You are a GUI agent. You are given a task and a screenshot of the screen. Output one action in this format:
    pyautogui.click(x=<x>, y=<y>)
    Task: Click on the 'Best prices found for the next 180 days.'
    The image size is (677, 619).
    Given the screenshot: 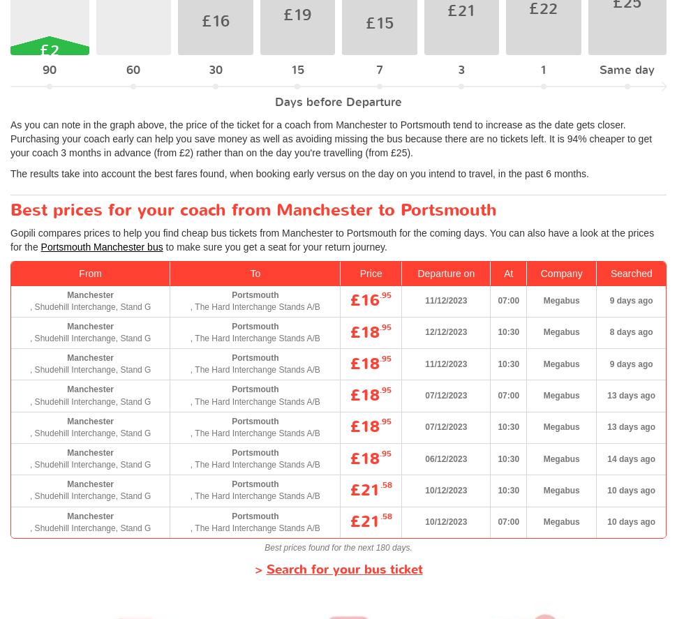 What is the action you would take?
    pyautogui.click(x=337, y=546)
    